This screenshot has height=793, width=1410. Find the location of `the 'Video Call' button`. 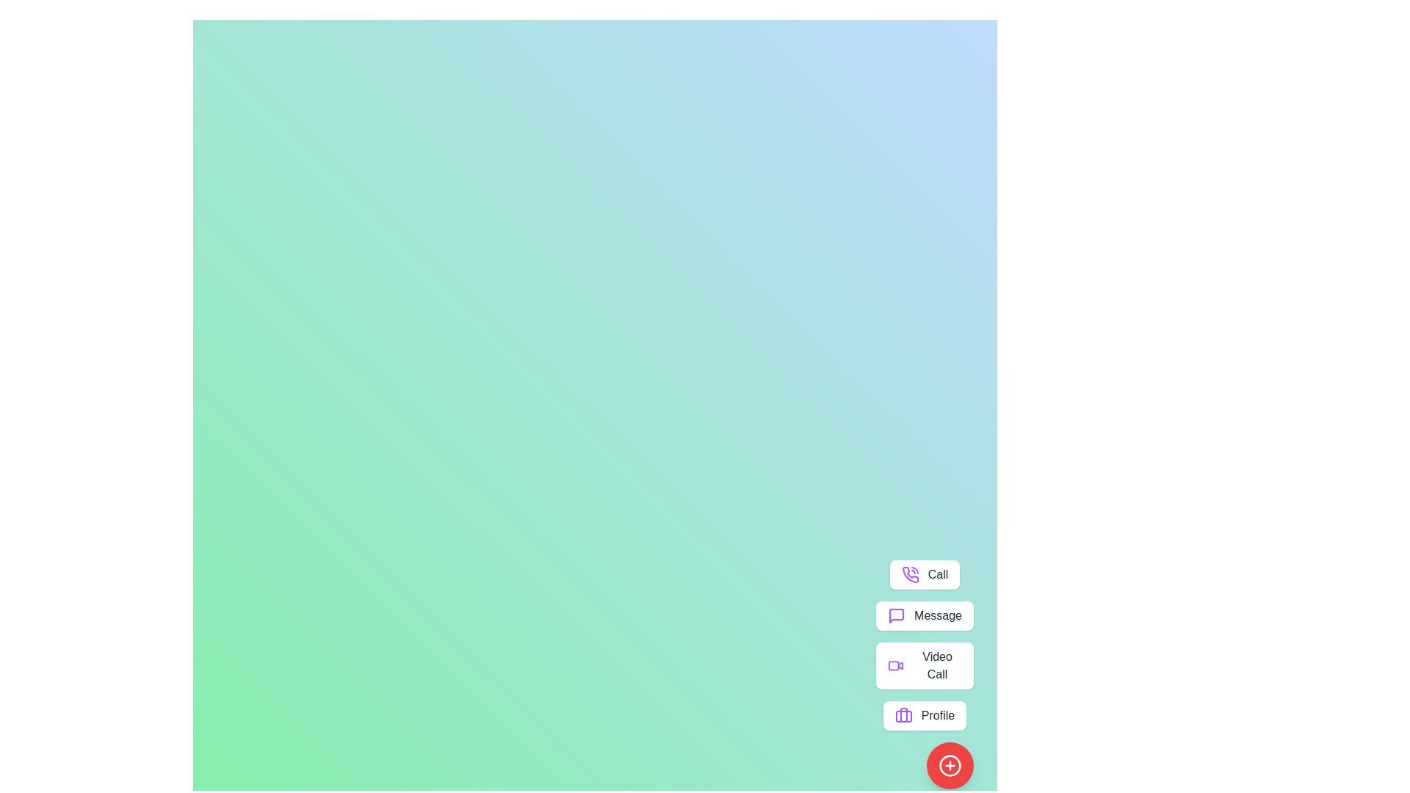

the 'Video Call' button is located at coordinates (924, 665).